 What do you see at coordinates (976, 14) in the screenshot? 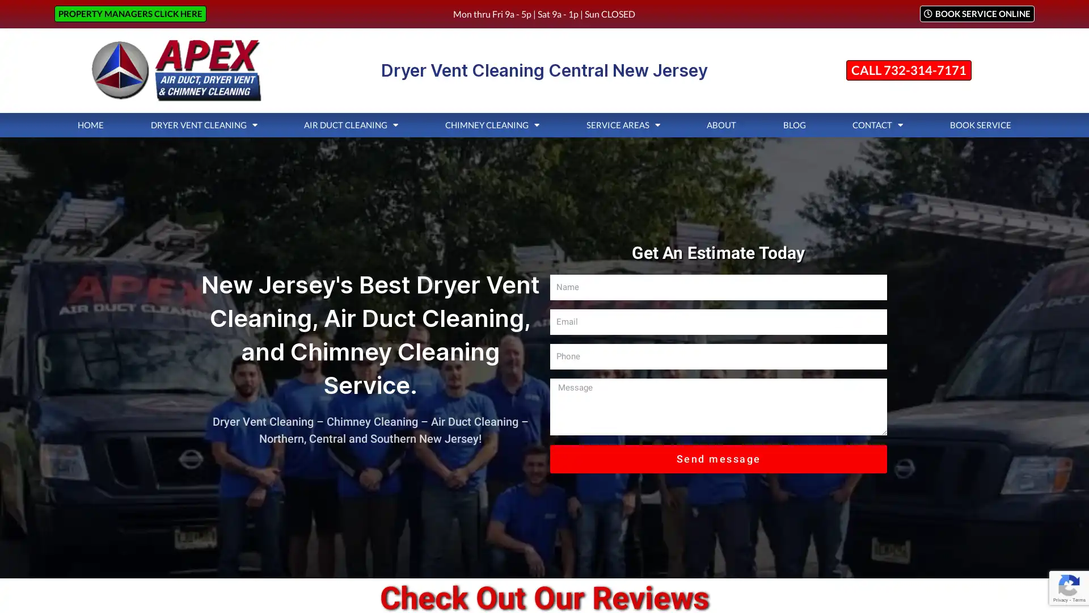
I see `BOOK SERVICE ONLINE` at bounding box center [976, 14].